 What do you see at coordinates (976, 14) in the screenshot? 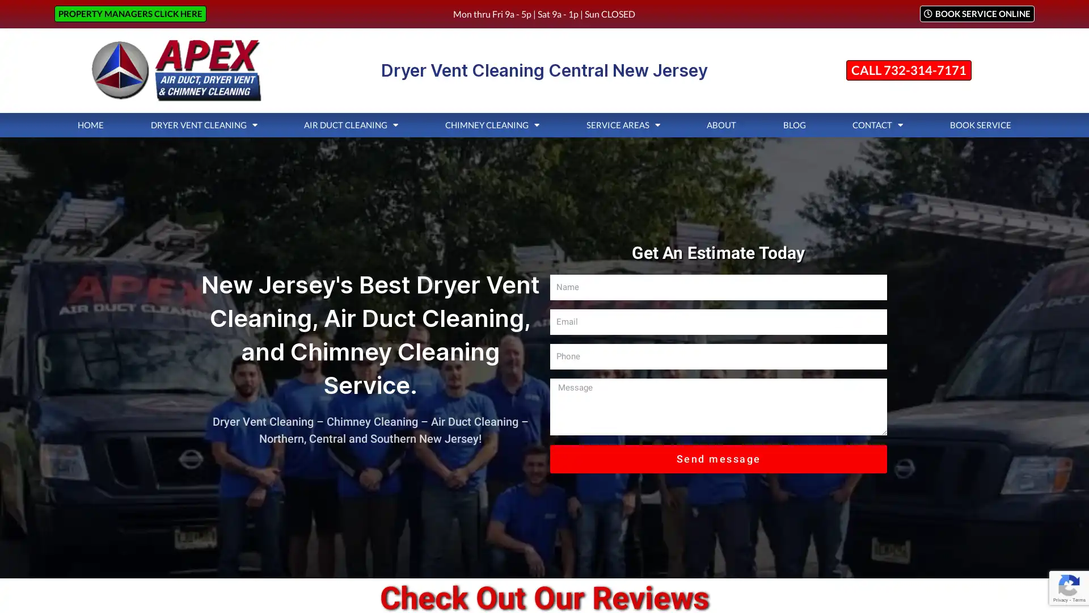
I see `BOOK SERVICE ONLINE` at bounding box center [976, 14].